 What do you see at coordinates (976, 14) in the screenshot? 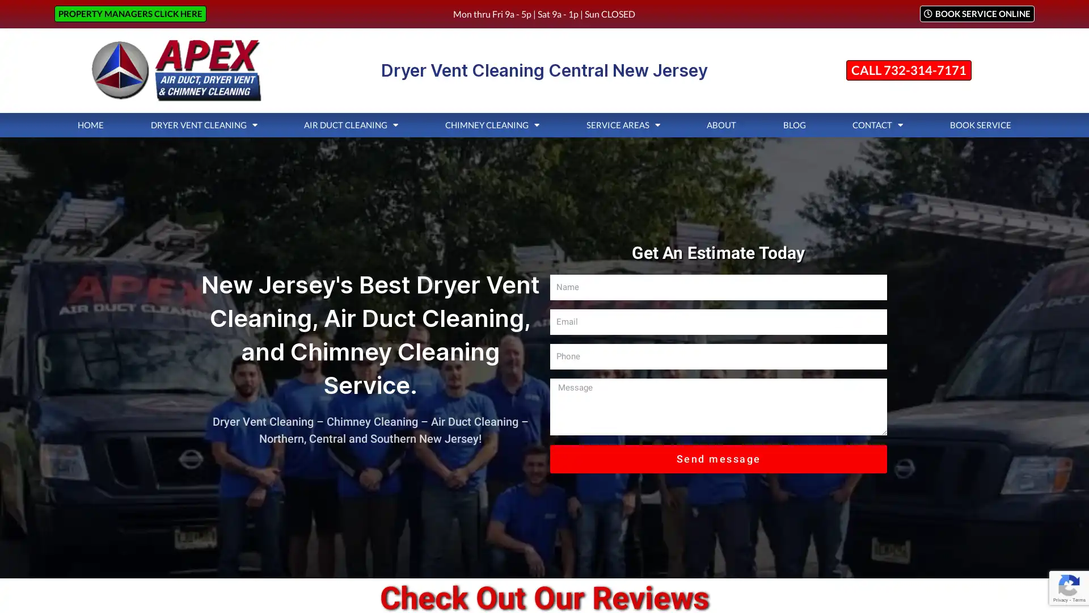
I see `BOOK SERVICE ONLINE` at bounding box center [976, 14].